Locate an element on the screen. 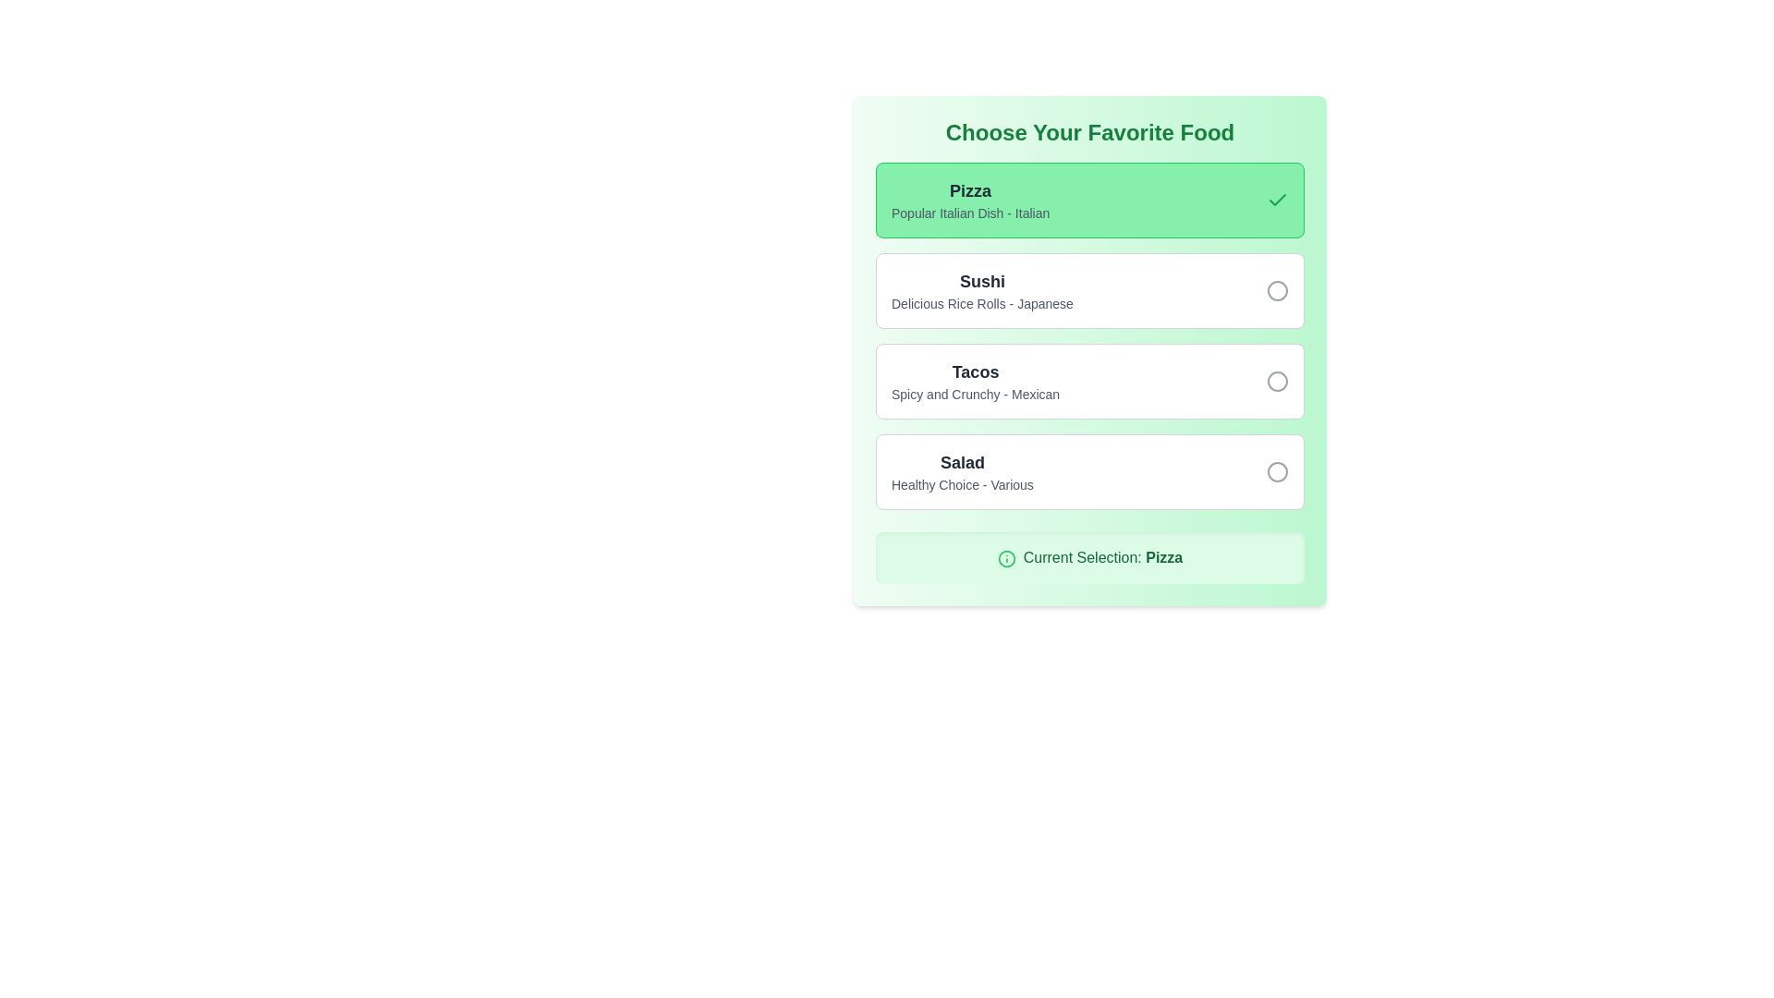 The width and height of the screenshot is (1774, 998). the radio button (SVG circle) located at the far-right end of the card displaying 'Sushi' is located at coordinates (1276, 291).